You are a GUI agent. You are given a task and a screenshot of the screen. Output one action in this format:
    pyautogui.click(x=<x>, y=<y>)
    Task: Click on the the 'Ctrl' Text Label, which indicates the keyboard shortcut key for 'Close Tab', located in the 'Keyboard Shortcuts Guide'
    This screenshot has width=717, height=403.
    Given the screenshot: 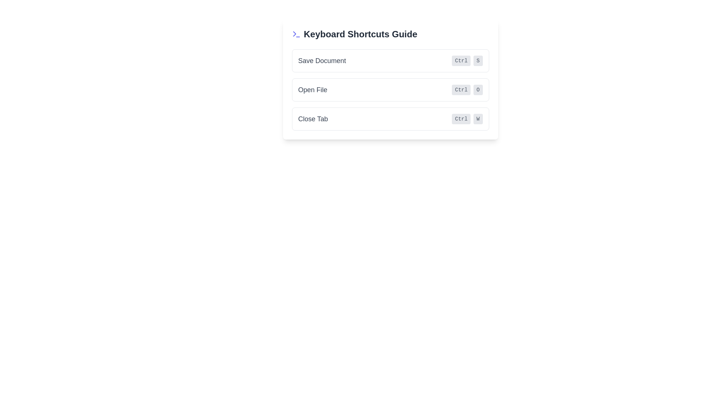 What is the action you would take?
    pyautogui.click(x=461, y=119)
    